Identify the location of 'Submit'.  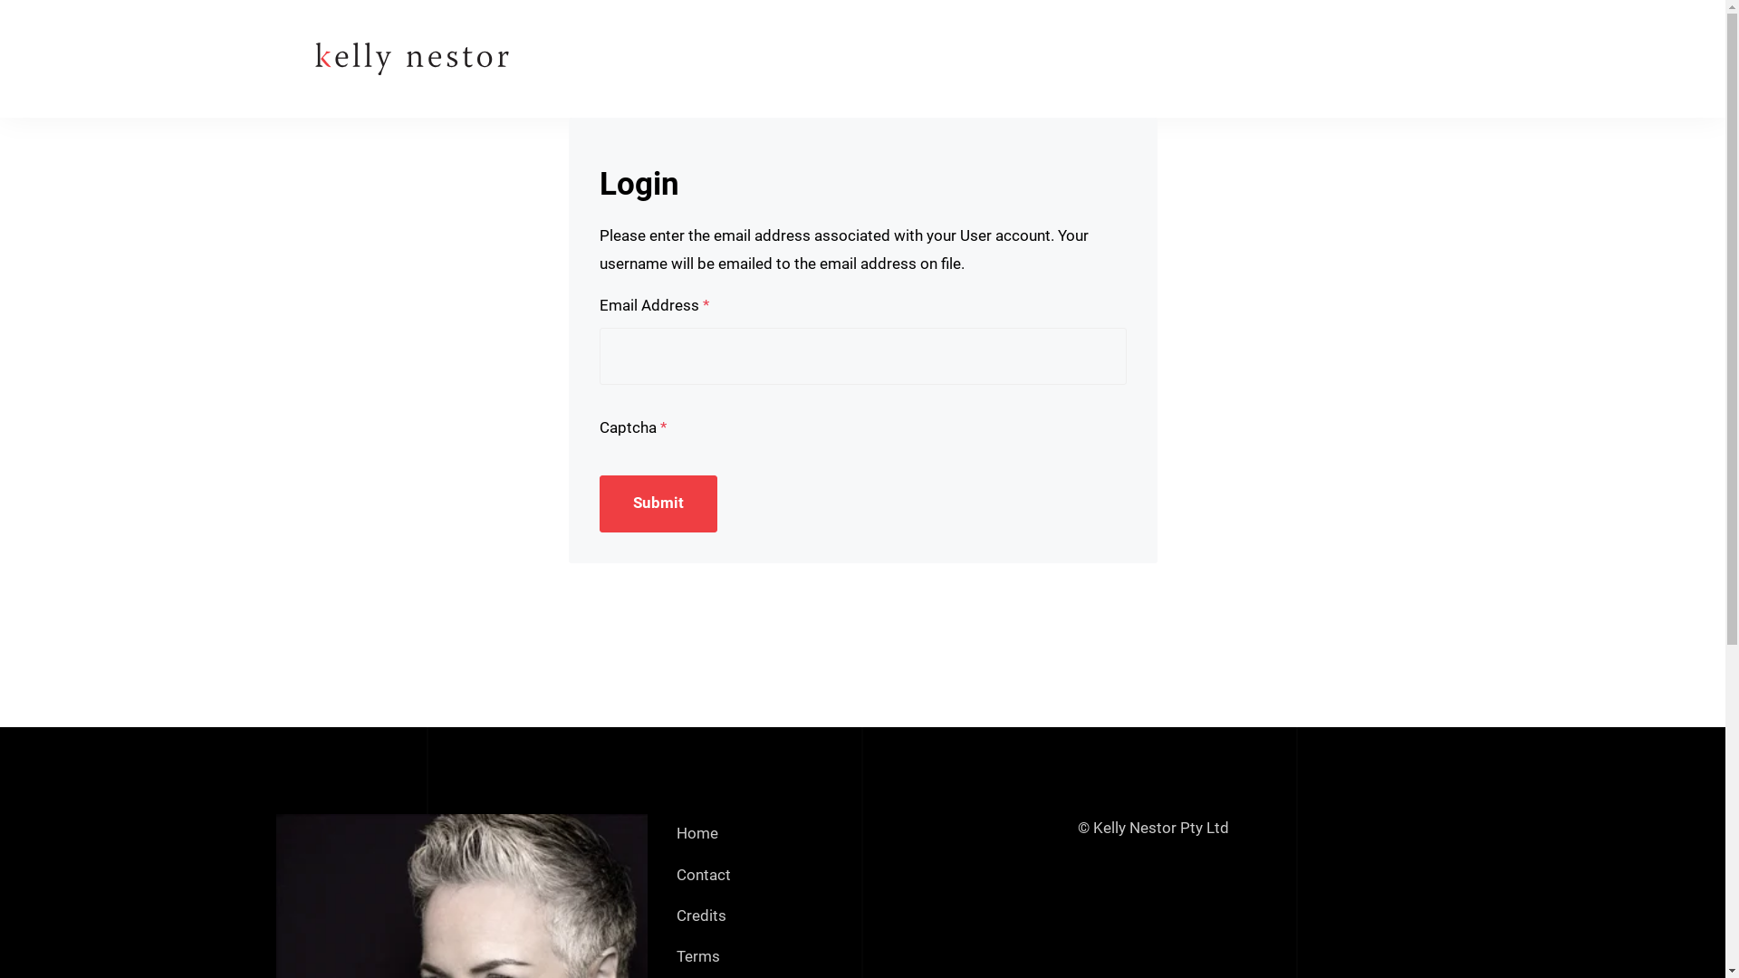
(658, 503).